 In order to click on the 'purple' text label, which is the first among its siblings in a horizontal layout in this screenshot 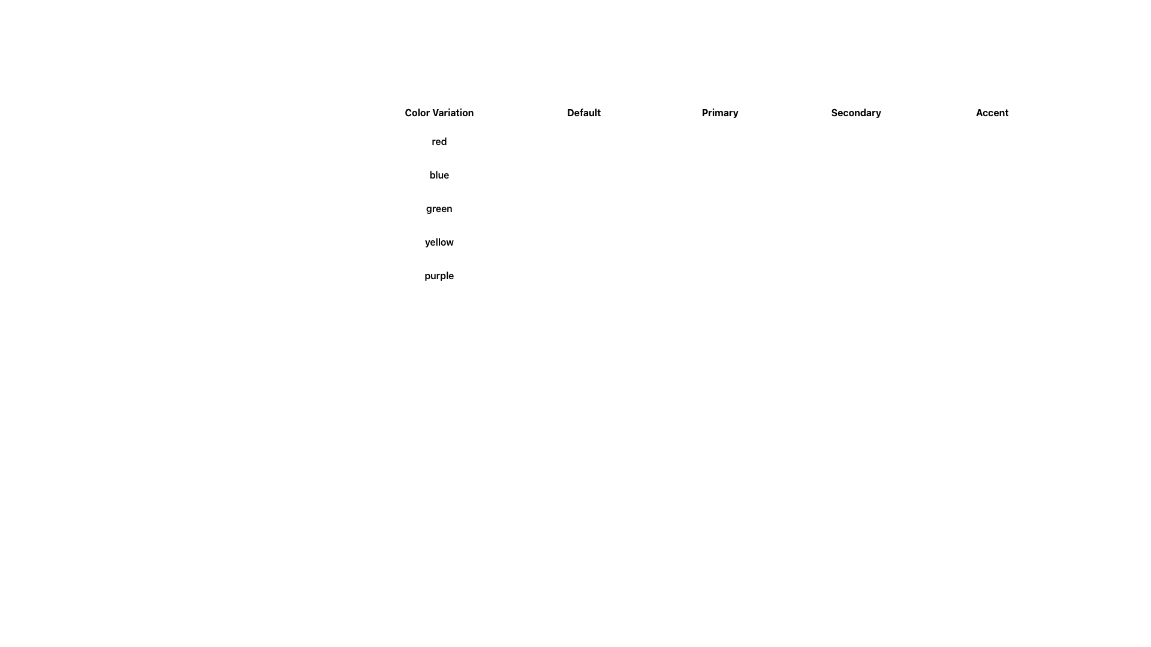, I will do `click(438, 275)`.